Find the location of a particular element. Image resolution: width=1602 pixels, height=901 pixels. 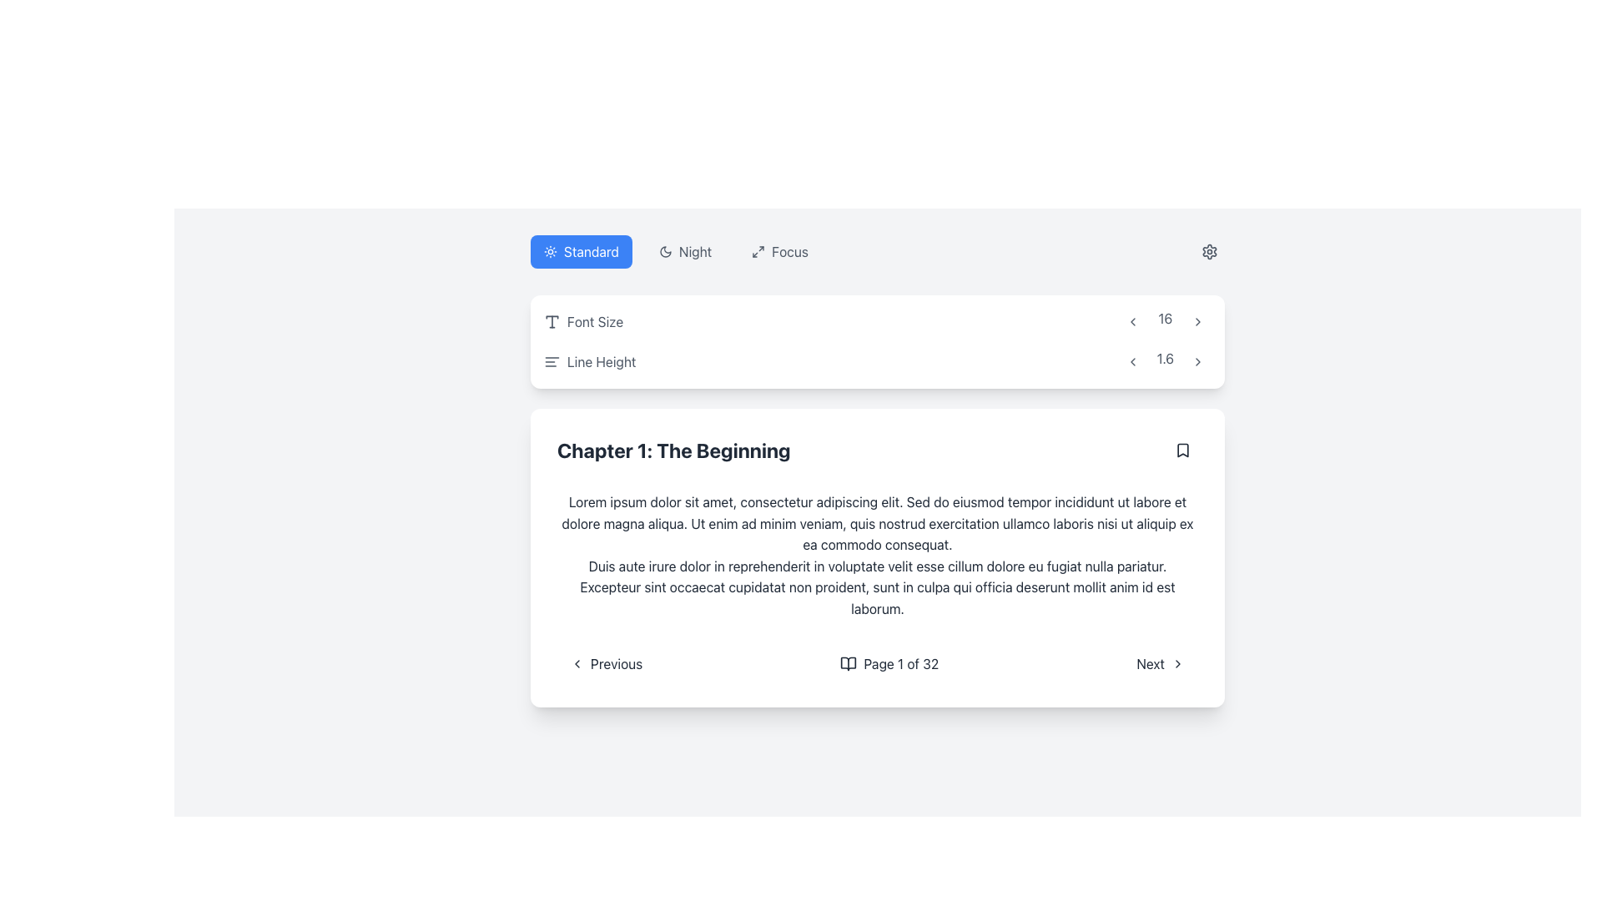

the SVG moon icon on the left side of the 'Night' button is located at coordinates (664, 251).